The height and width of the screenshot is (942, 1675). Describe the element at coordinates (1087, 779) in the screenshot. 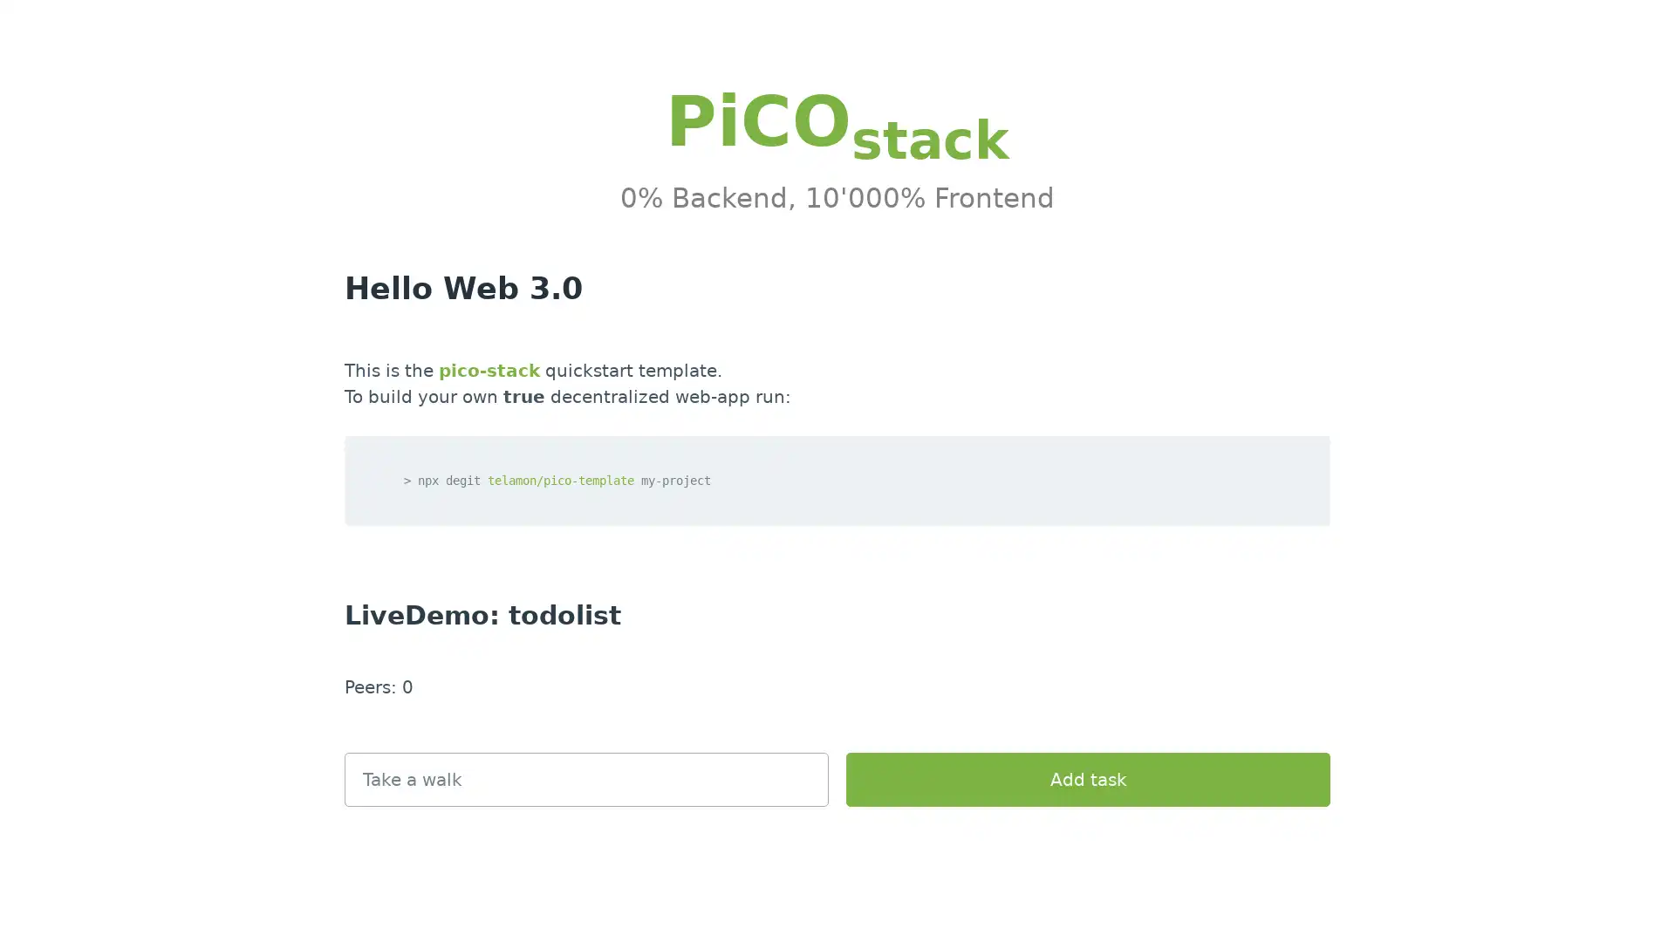

I see `Add task` at that location.